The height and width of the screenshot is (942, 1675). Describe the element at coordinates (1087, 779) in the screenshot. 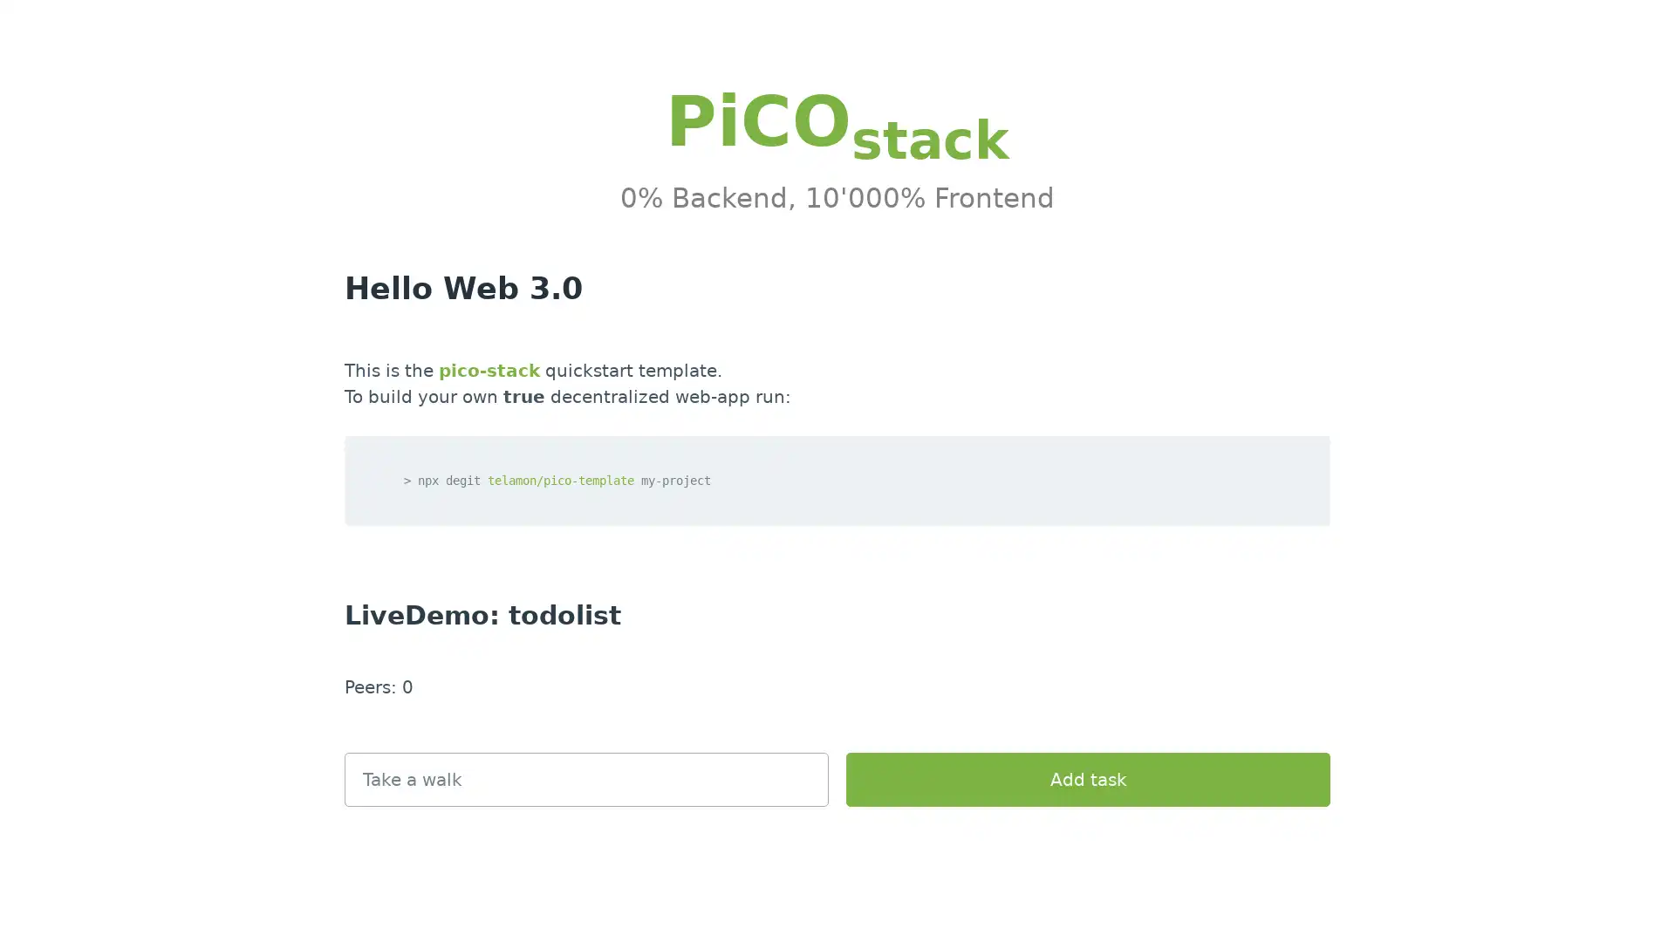

I see `Add task` at that location.